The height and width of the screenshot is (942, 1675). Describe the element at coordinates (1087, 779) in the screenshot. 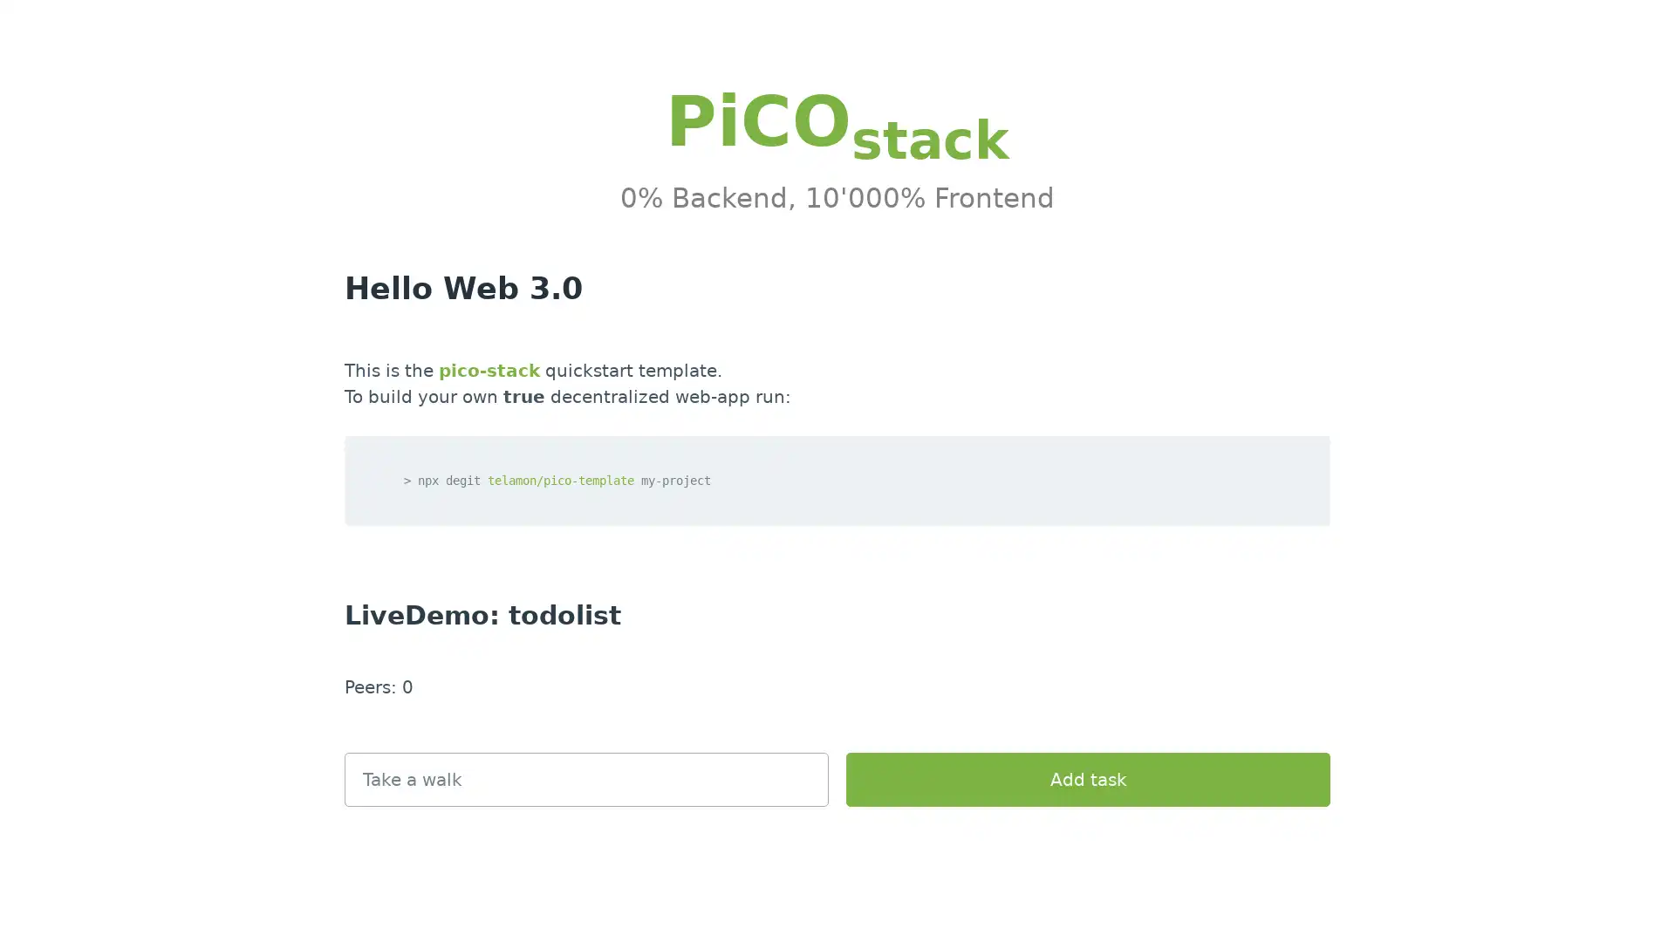

I see `Add task` at that location.